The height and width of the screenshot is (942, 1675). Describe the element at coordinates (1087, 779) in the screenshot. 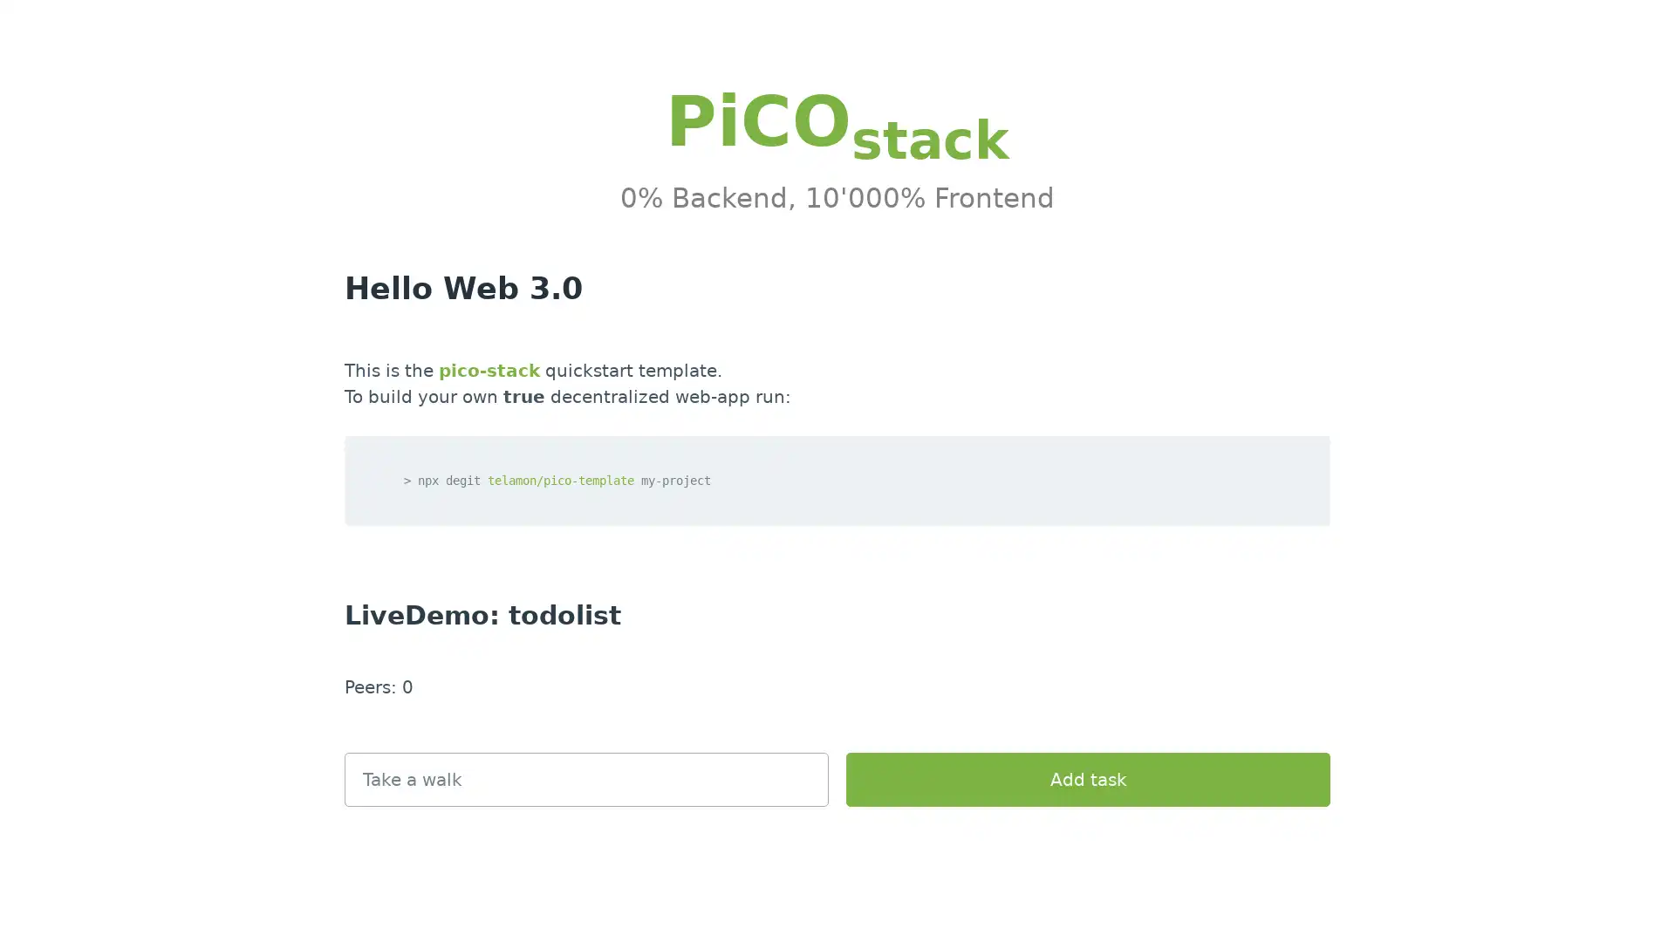

I see `Add task` at that location.